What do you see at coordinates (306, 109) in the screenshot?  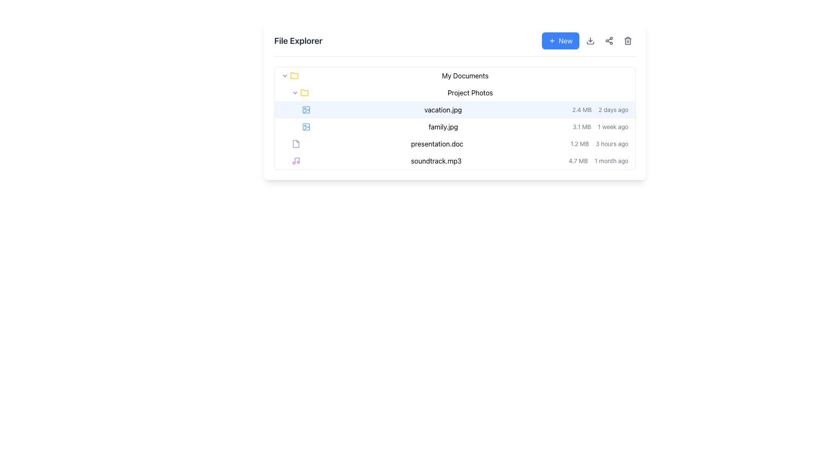 I see `the blue rectangular icon with rounded edges representing 'vacation.jpg' in the 'Project Photos' folder in the File Explorer UI` at bounding box center [306, 109].